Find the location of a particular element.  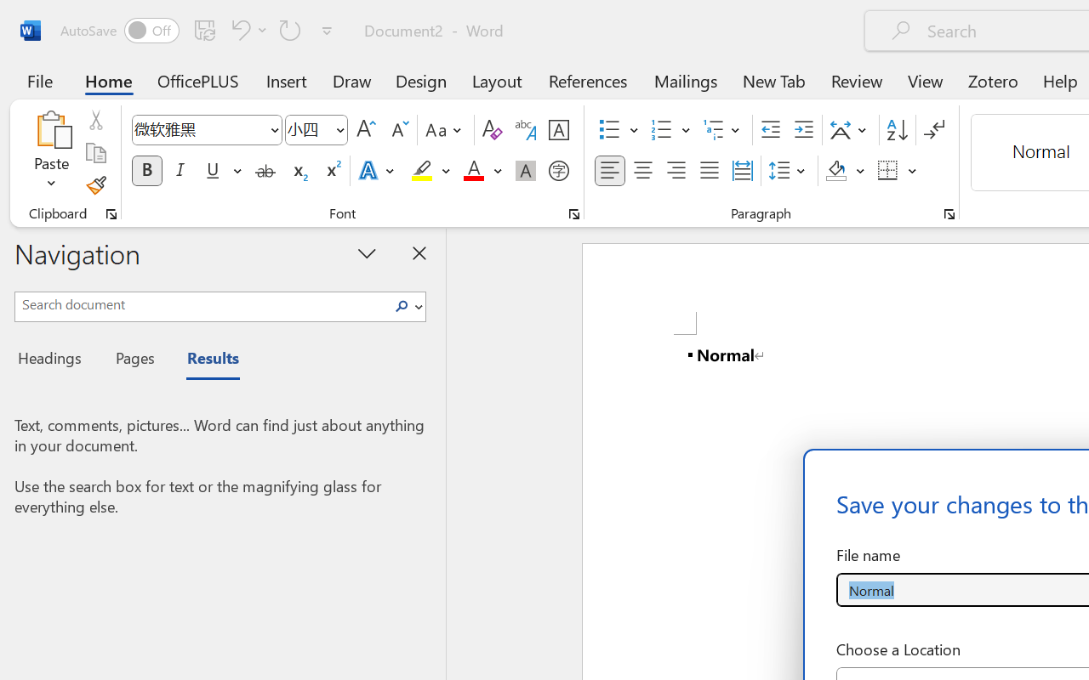

'Repeat Style' is located at coordinates (290, 29).